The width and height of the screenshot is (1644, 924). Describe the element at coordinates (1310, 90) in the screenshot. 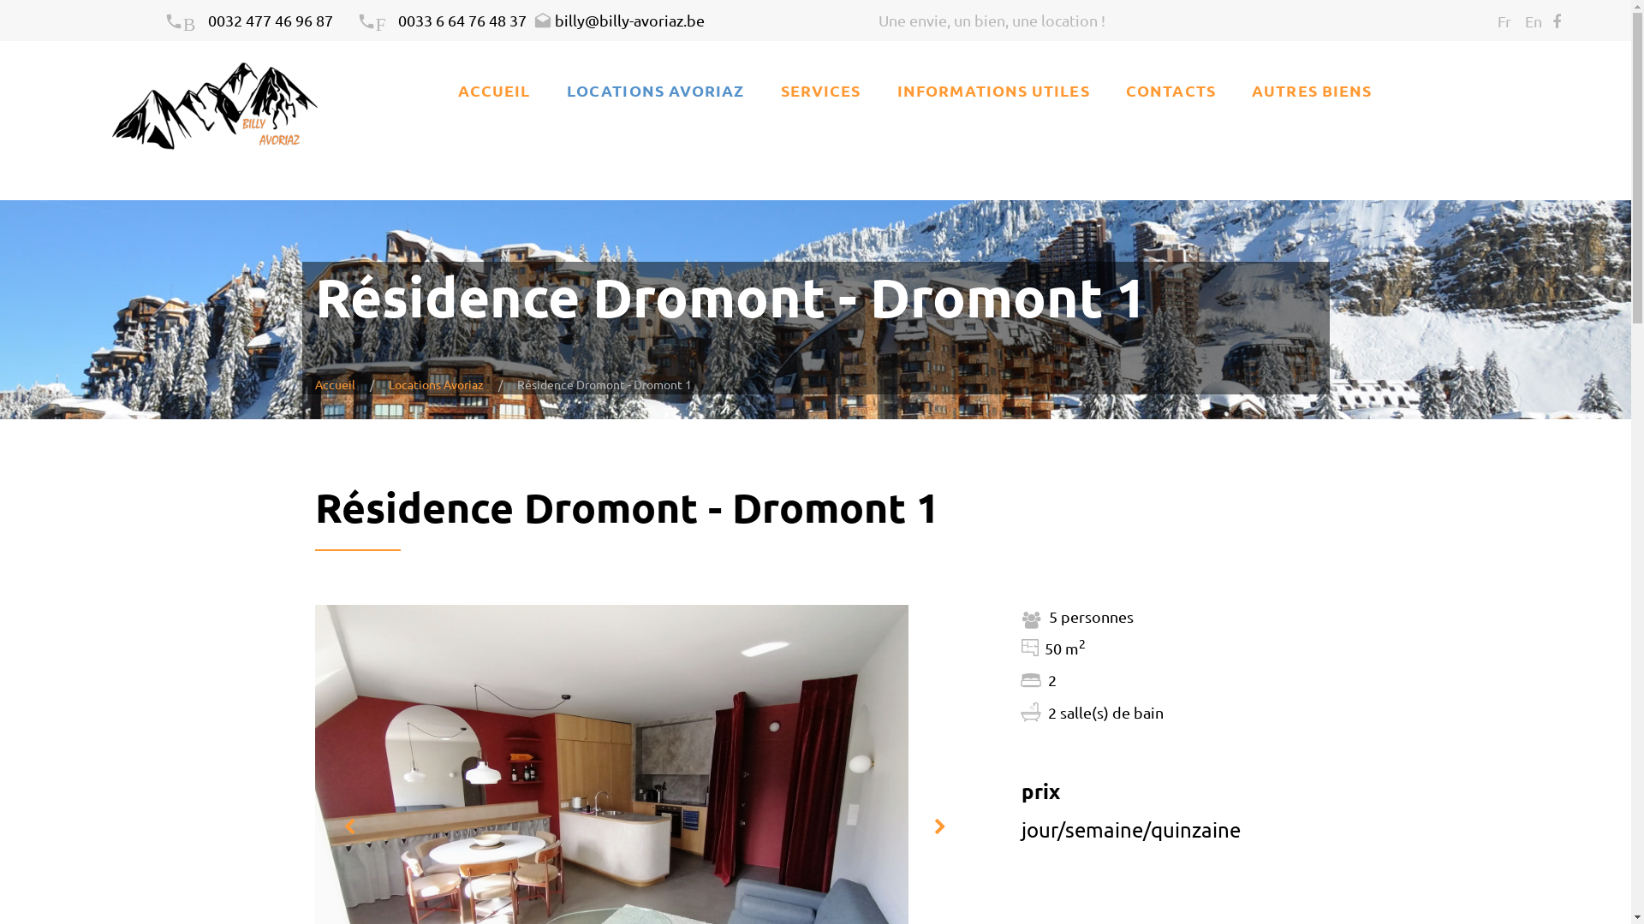

I see `'AUTRES BIENS'` at that location.